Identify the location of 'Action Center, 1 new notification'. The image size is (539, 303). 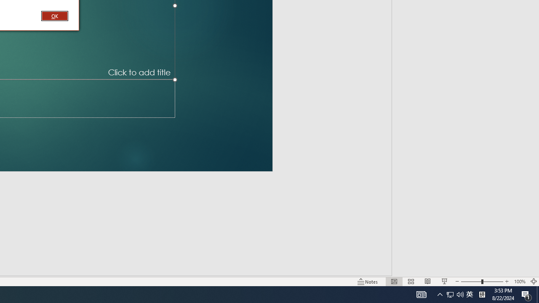
(526, 294).